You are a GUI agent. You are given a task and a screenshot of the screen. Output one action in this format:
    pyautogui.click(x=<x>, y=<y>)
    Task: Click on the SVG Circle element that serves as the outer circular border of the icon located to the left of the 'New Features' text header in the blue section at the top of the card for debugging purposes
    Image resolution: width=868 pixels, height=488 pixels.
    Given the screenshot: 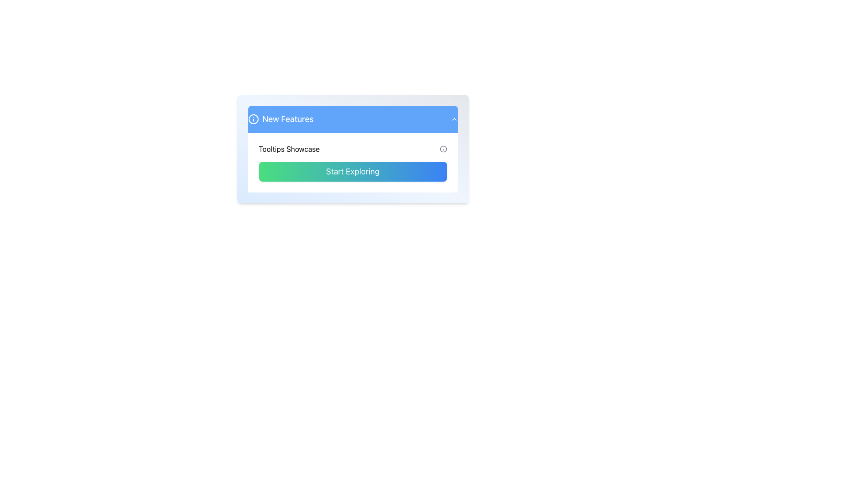 What is the action you would take?
    pyautogui.click(x=253, y=118)
    